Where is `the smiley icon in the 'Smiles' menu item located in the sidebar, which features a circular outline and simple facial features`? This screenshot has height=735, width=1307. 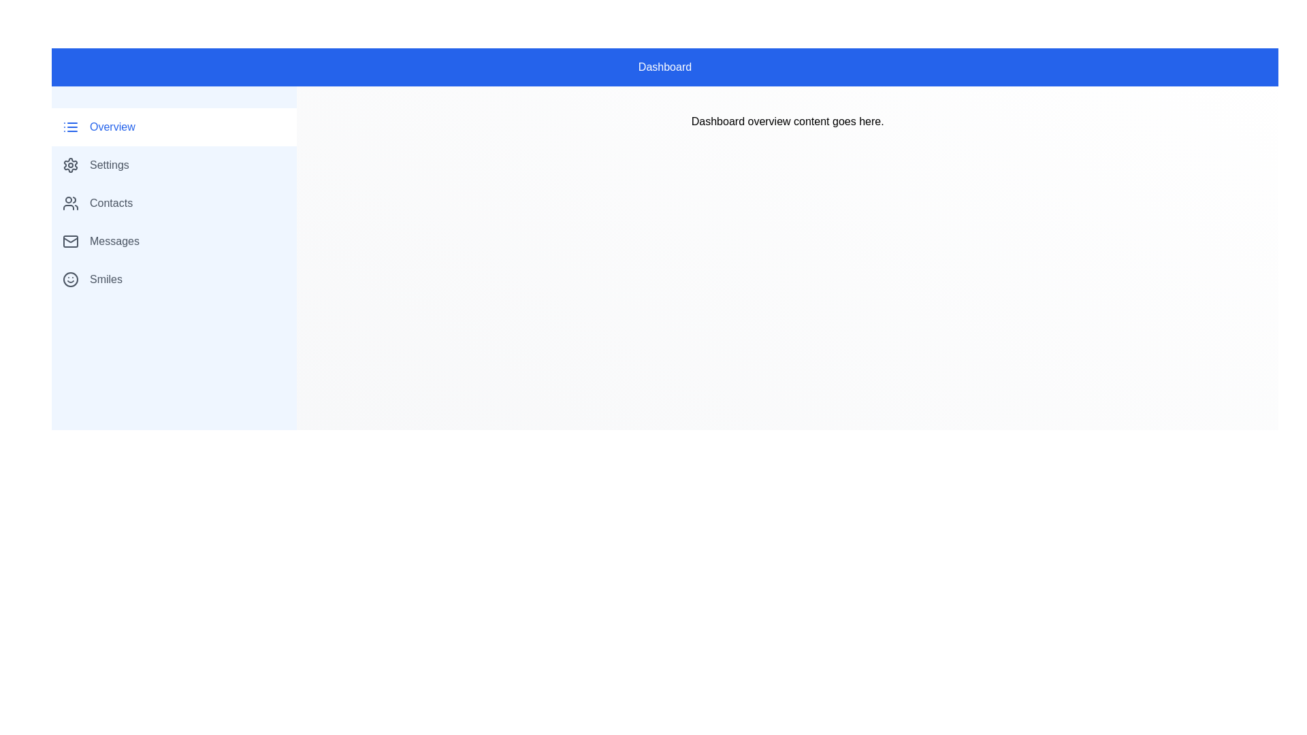
the smiley icon in the 'Smiles' menu item located in the sidebar, which features a circular outline and simple facial features is located at coordinates (70, 279).